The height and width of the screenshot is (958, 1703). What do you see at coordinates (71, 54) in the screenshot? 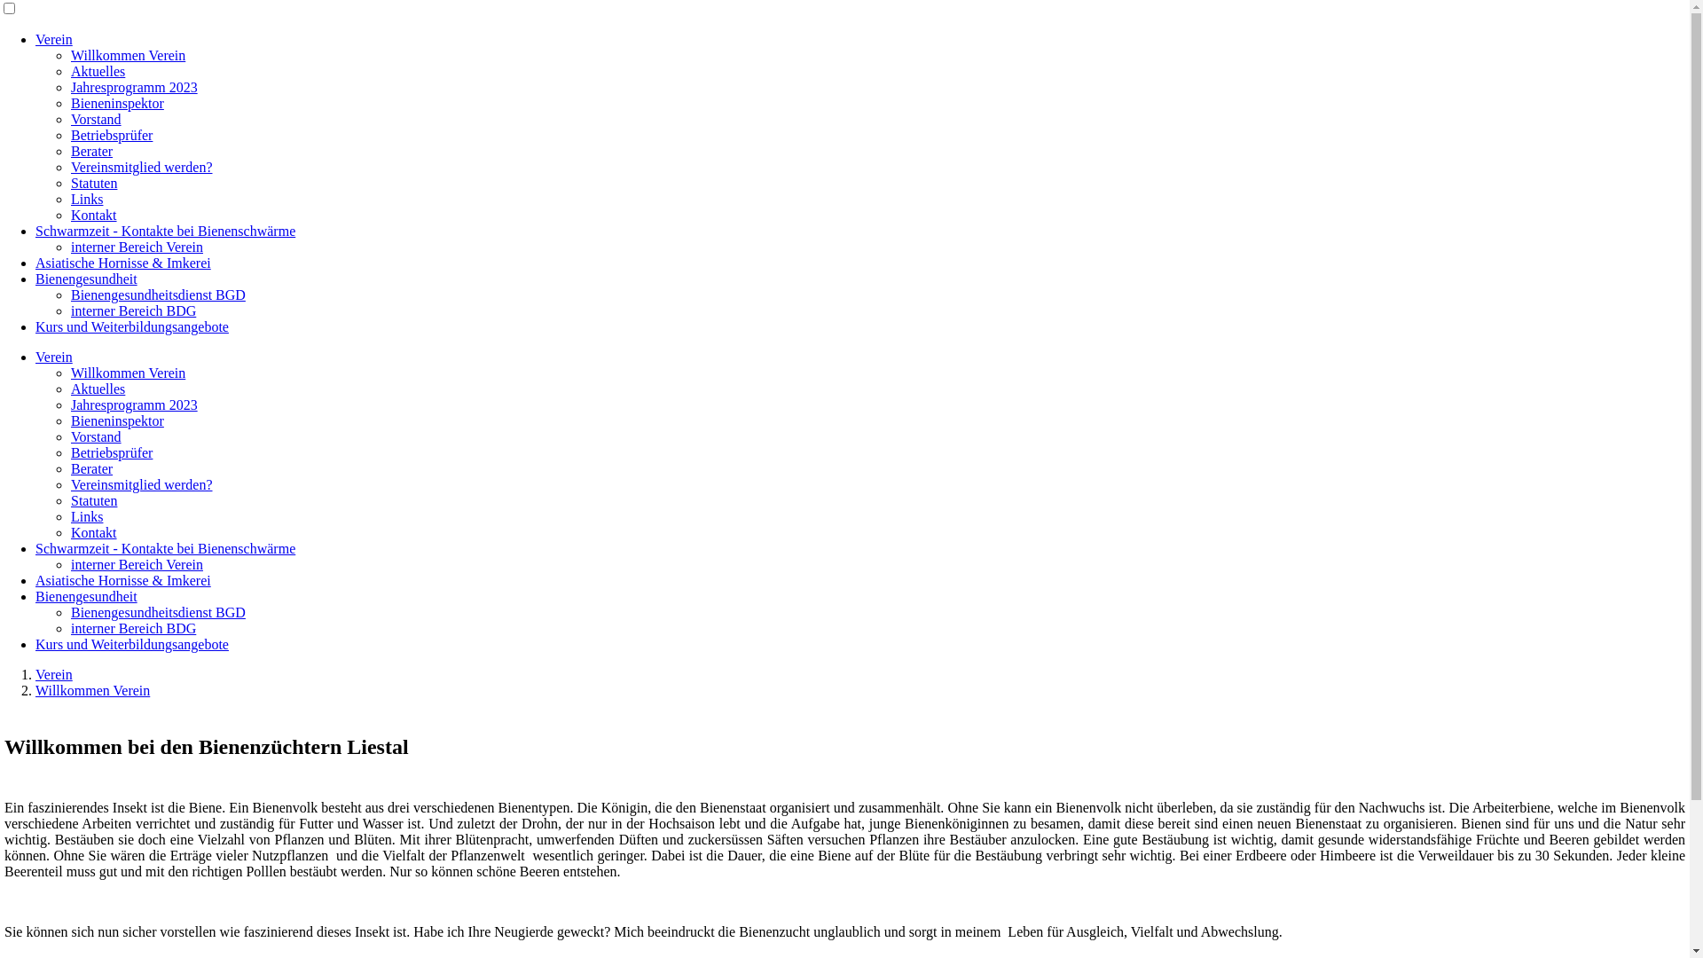
I see `'Willkommen Verein'` at bounding box center [71, 54].